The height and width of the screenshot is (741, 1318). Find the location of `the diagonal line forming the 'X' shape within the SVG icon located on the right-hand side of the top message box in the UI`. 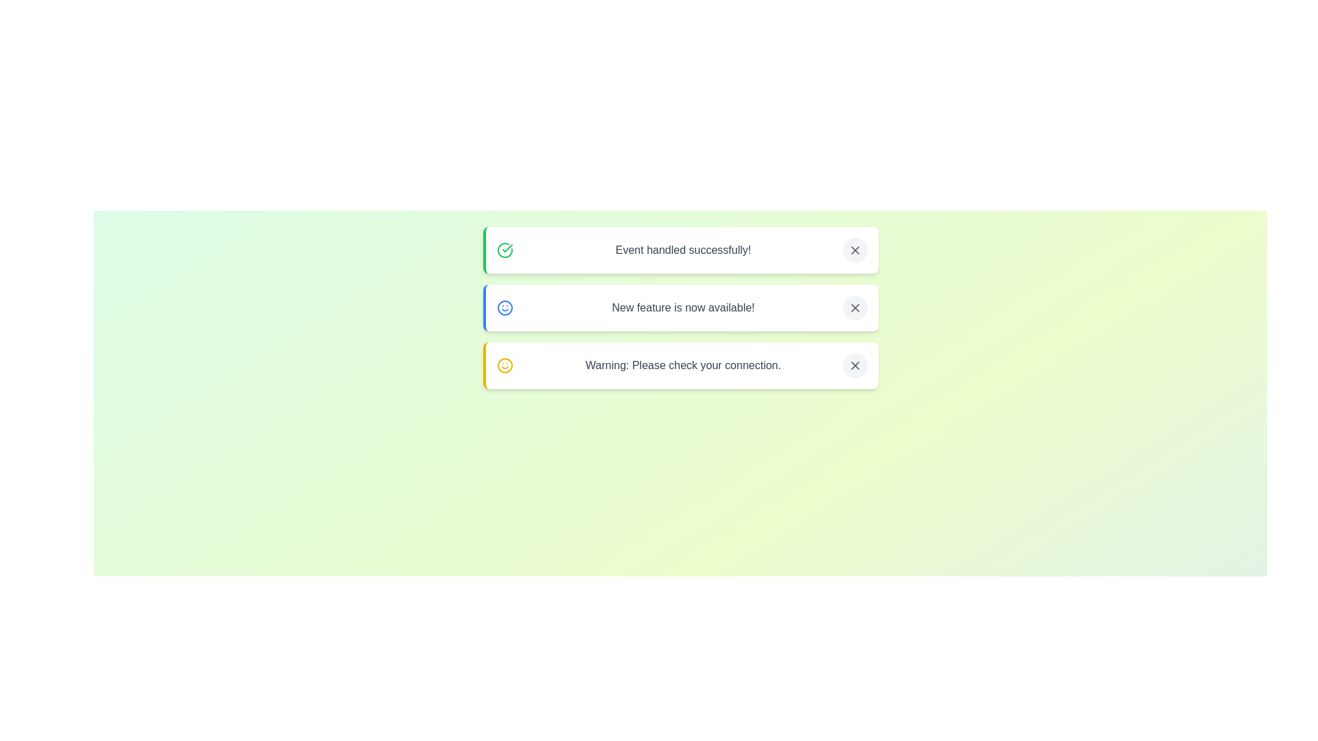

the diagonal line forming the 'X' shape within the SVG icon located on the right-hand side of the top message box in the UI is located at coordinates (854, 250).